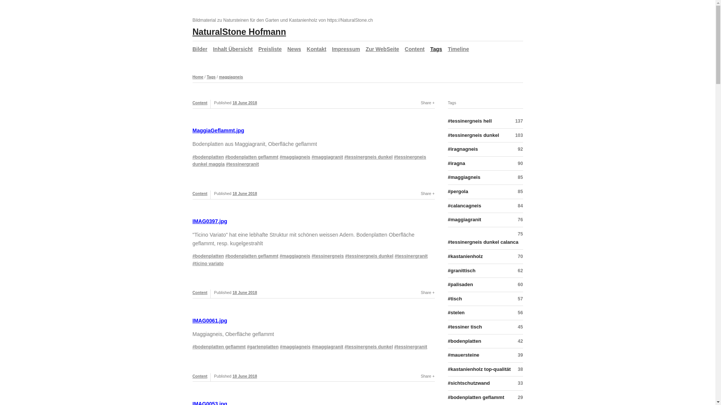  Describe the element at coordinates (485, 383) in the screenshot. I see `'33` at that location.